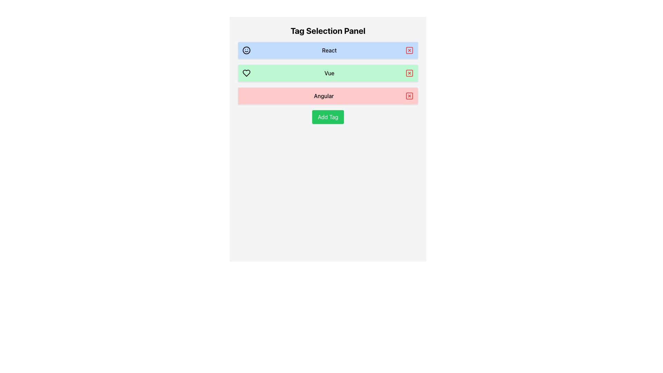 Image resolution: width=663 pixels, height=373 pixels. What do you see at coordinates (328, 73) in the screenshot?
I see `the 'Vue' button-like tag component` at bounding box center [328, 73].